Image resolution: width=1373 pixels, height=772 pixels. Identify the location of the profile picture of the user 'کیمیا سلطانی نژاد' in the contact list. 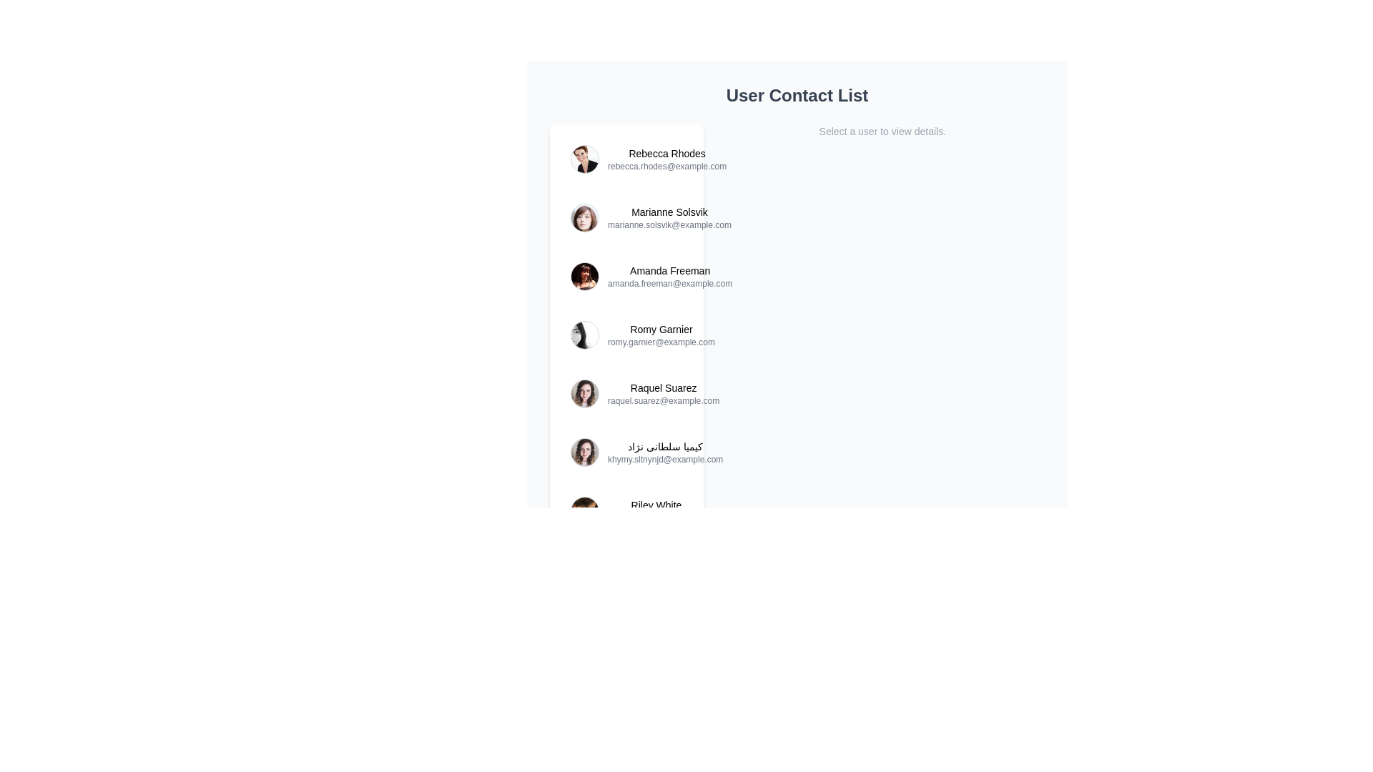
(584, 452).